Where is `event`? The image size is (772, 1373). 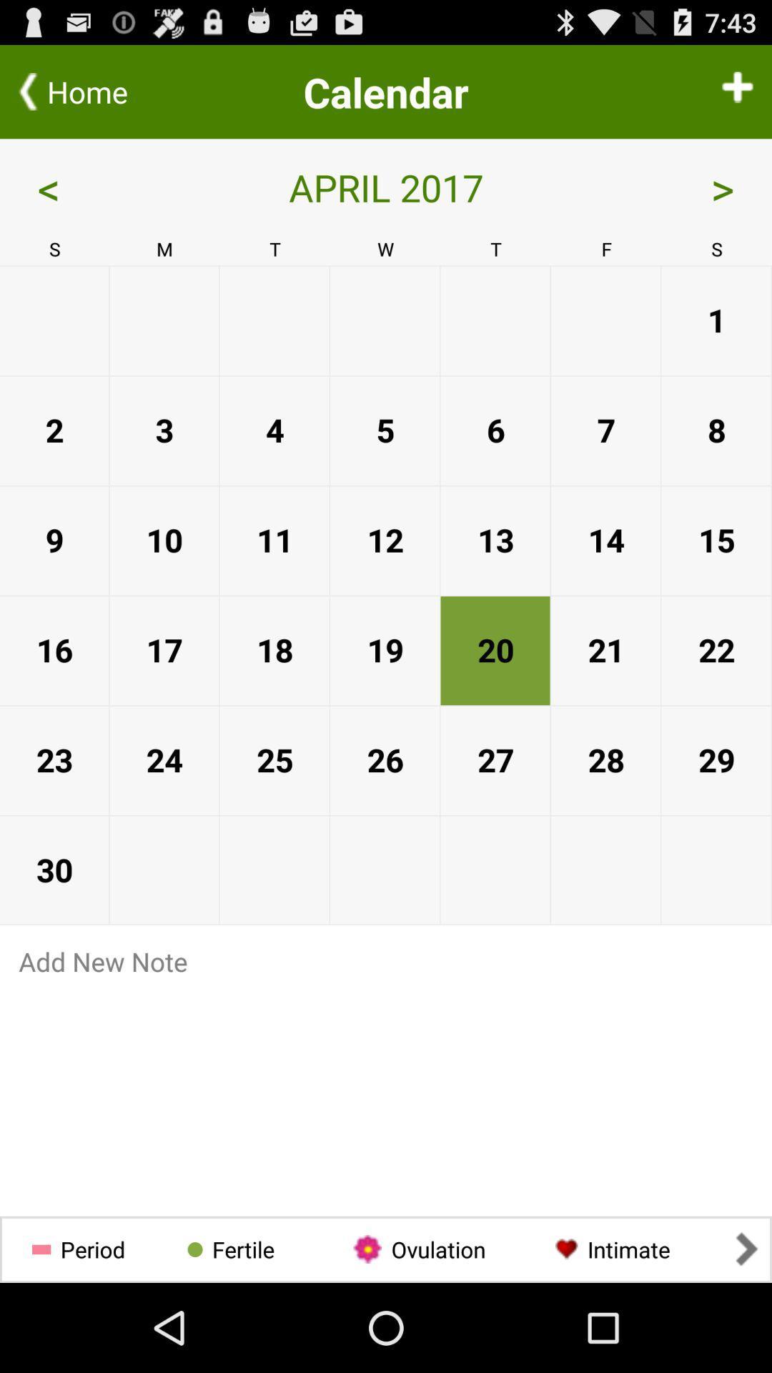
event is located at coordinates (738, 91).